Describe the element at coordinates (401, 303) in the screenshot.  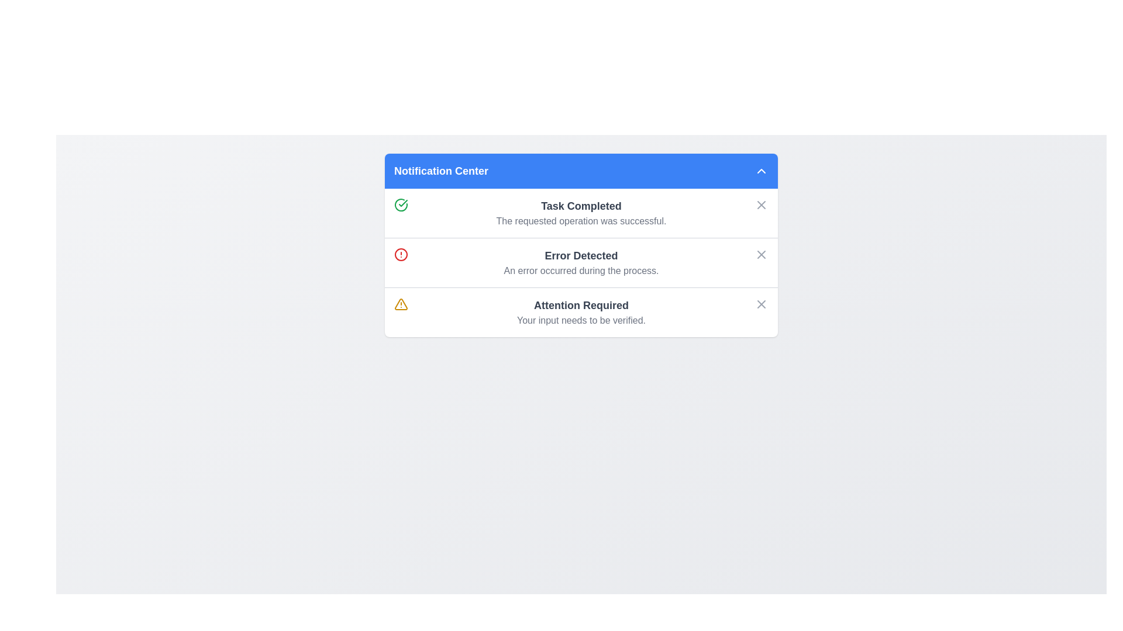
I see `SVG icon with a warning triangle shape located in the 'Attention Required' notification card by using the developer tools` at that location.